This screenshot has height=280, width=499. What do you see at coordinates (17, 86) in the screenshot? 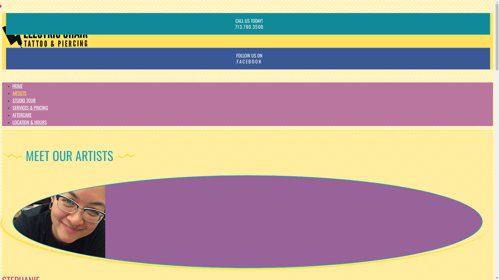
I see `'HOME'` at bounding box center [17, 86].